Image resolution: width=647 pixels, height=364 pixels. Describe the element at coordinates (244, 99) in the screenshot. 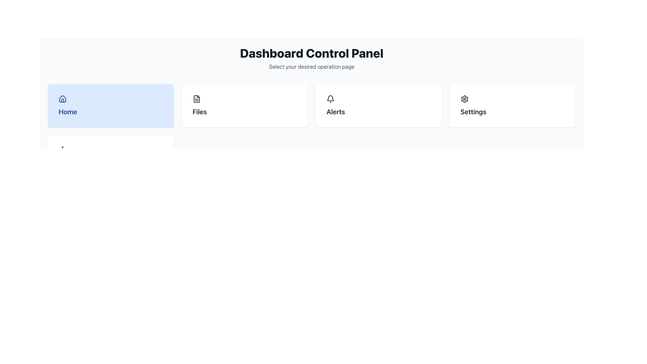

I see `the icon resembling a text document located in the 'Files' card on the Dashboard Control Panel` at that location.